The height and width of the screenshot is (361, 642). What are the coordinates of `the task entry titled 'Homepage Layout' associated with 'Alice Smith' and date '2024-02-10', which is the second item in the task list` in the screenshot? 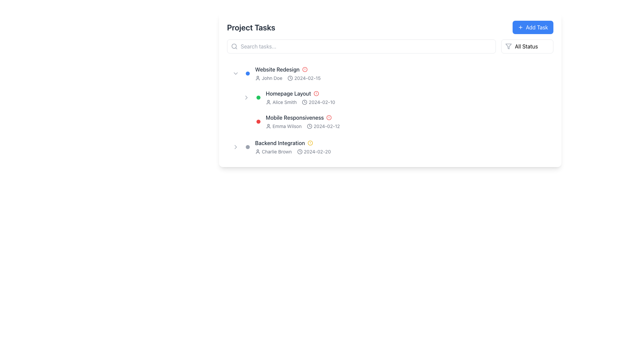 It's located at (395, 98).